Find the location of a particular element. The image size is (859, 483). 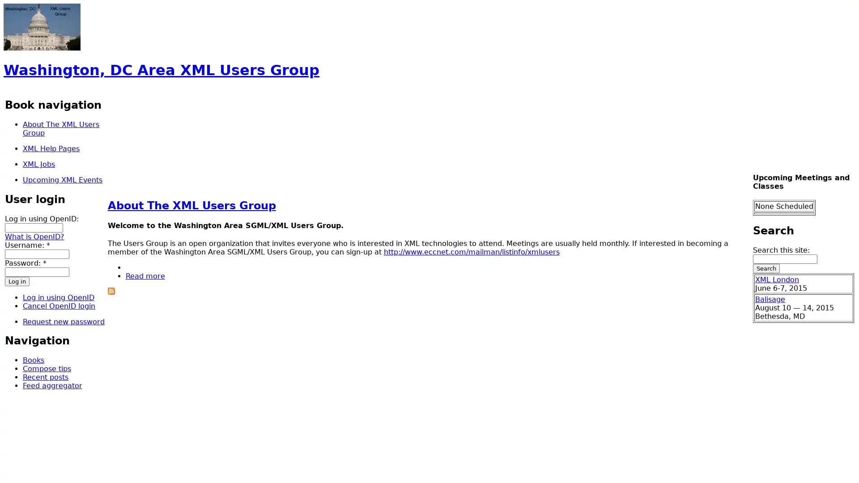

Log in is located at coordinates (17, 280).